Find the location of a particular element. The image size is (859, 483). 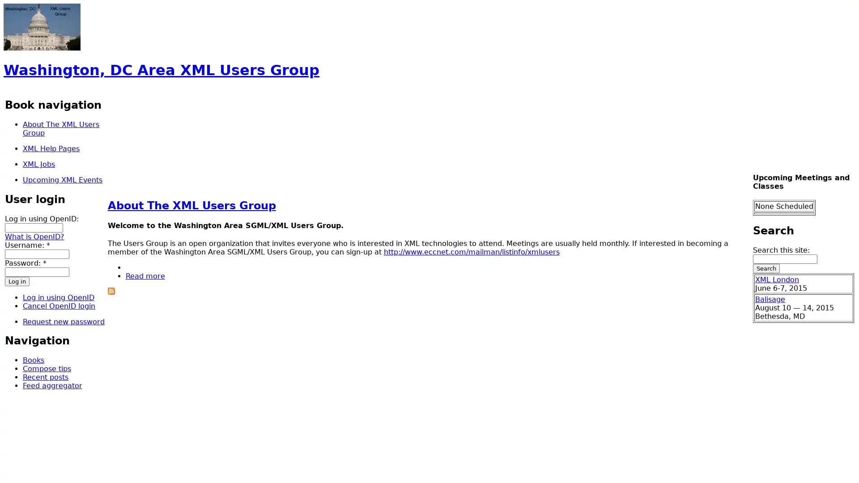

Log in is located at coordinates (17, 280).